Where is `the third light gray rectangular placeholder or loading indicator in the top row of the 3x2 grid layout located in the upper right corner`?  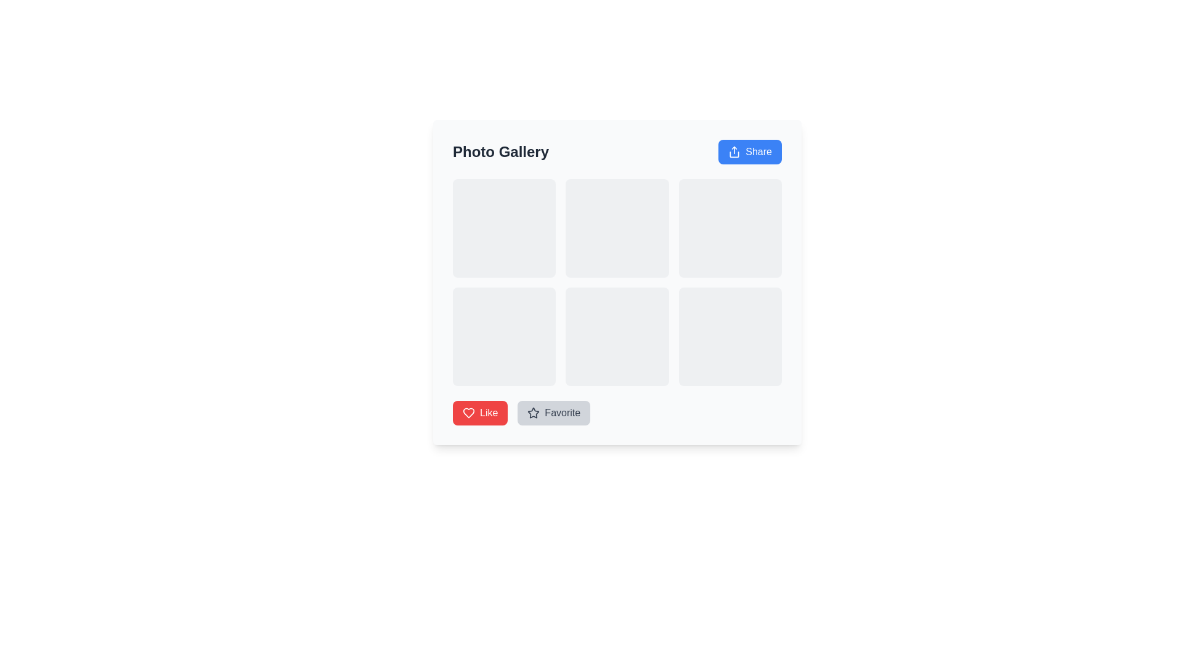 the third light gray rectangular placeholder or loading indicator in the top row of the 3x2 grid layout located in the upper right corner is located at coordinates (730, 228).